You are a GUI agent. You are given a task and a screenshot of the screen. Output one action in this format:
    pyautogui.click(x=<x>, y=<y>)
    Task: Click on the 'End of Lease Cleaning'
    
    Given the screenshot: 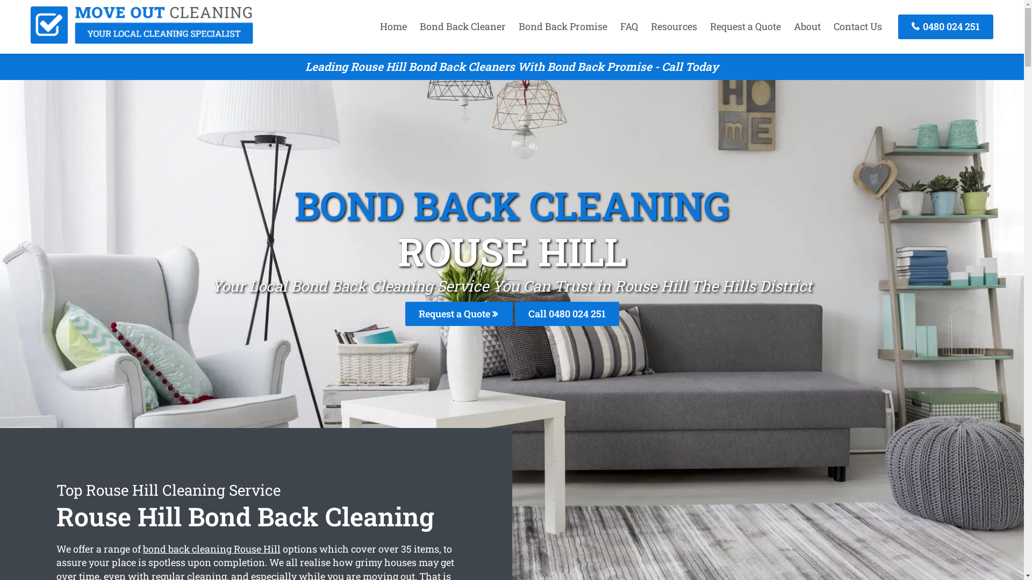 What is the action you would take?
    pyautogui.click(x=141, y=39)
    